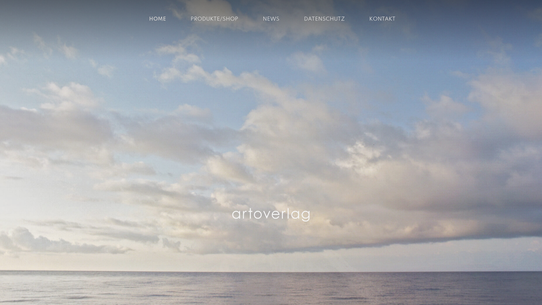  What do you see at coordinates (270, 19) in the screenshot?
I see `'NEWS'` at bounding box center [270, 19].